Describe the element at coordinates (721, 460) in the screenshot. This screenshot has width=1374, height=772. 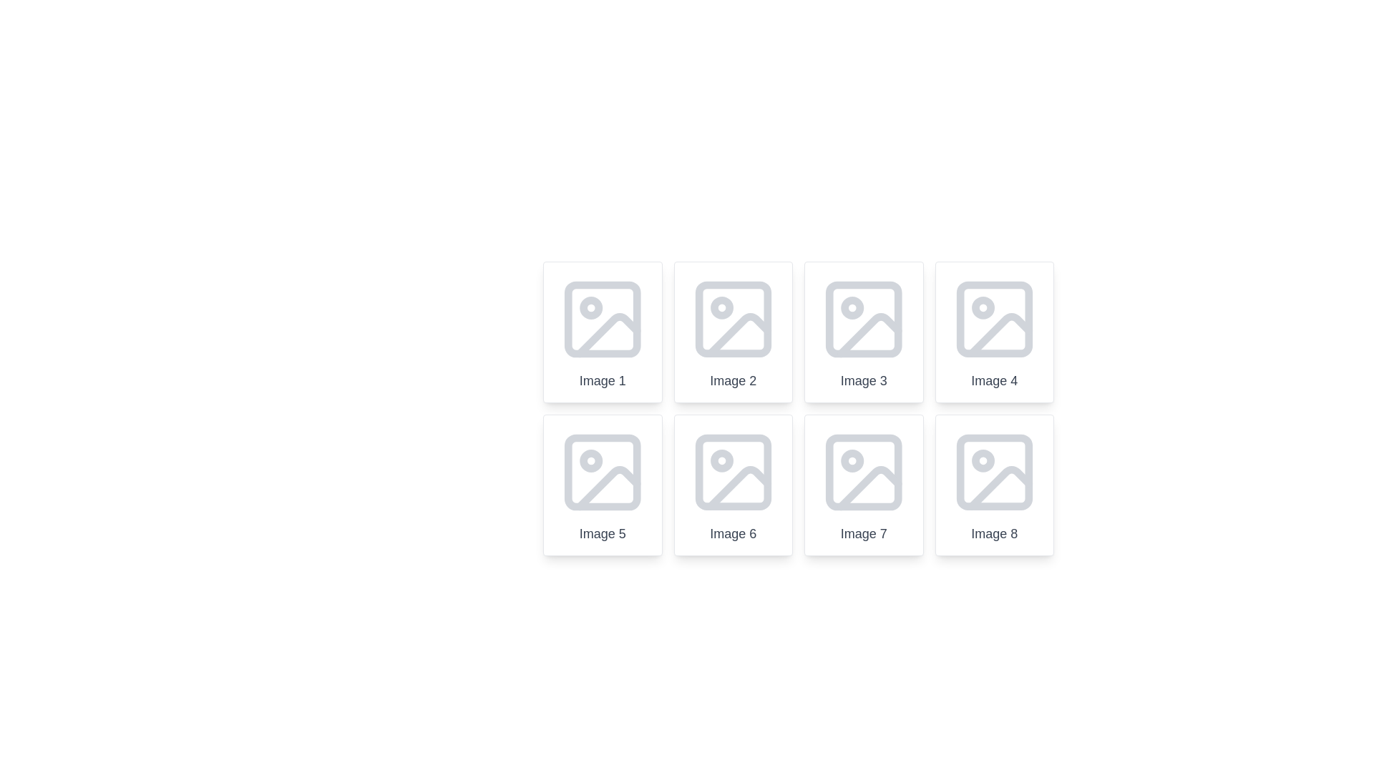
I see `the circular marker or dot located within the thumbnail labeled 'Image 6', situated near its top-left corner` at that location.